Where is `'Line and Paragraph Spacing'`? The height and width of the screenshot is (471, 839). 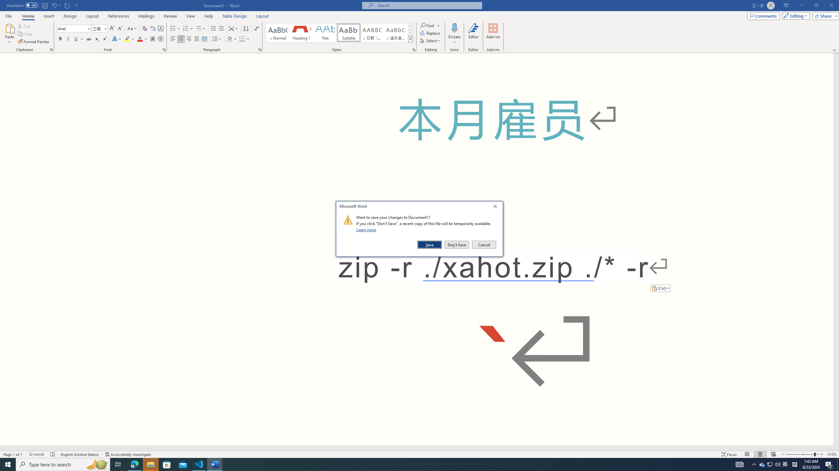
'Line and Paragraph Spacing' is located at coordinates (217, 39).